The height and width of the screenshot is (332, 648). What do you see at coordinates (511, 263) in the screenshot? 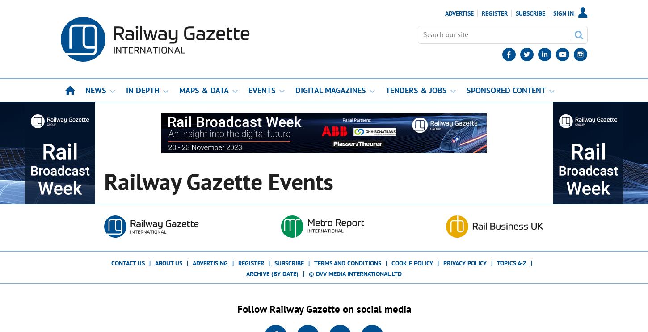
I see `'Topics A-Z'` at bounding box center [511, 263].